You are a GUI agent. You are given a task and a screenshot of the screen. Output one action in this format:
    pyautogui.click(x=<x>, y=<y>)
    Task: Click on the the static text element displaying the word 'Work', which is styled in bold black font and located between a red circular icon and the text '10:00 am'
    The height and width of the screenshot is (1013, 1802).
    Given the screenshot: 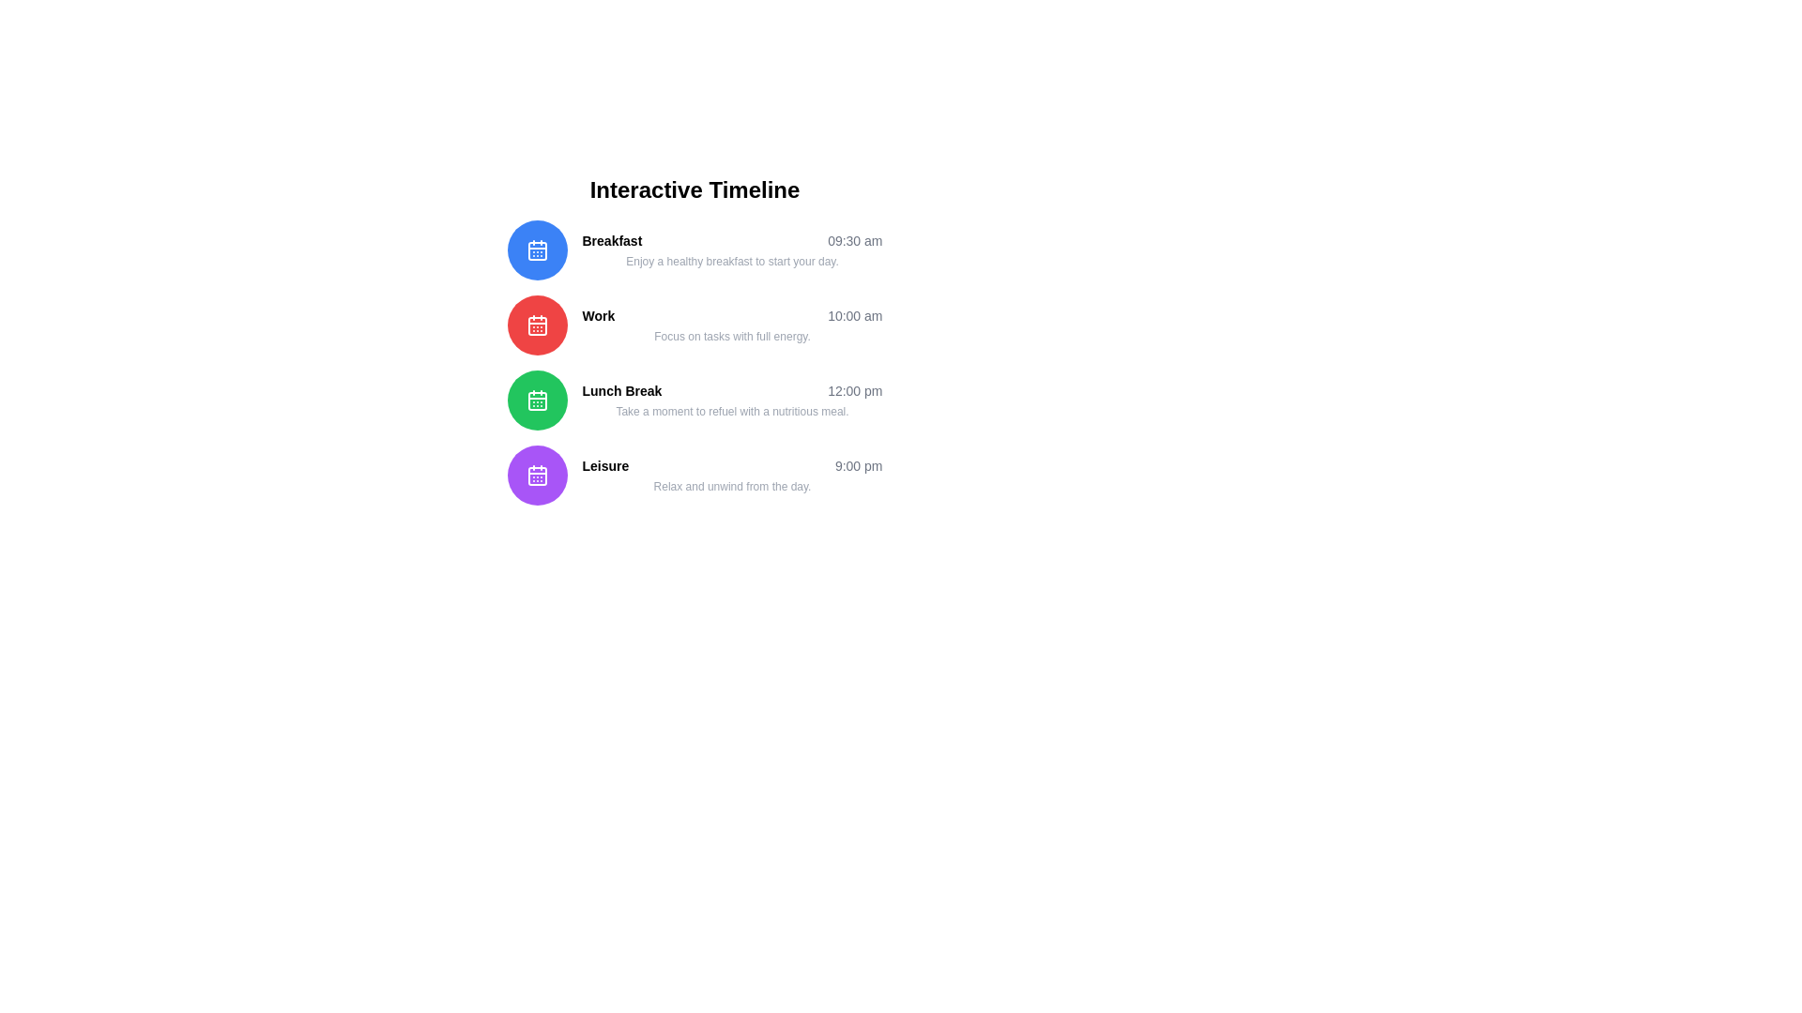 What is the action you would take?
    pyautogui.click(x=597, y=314)
    